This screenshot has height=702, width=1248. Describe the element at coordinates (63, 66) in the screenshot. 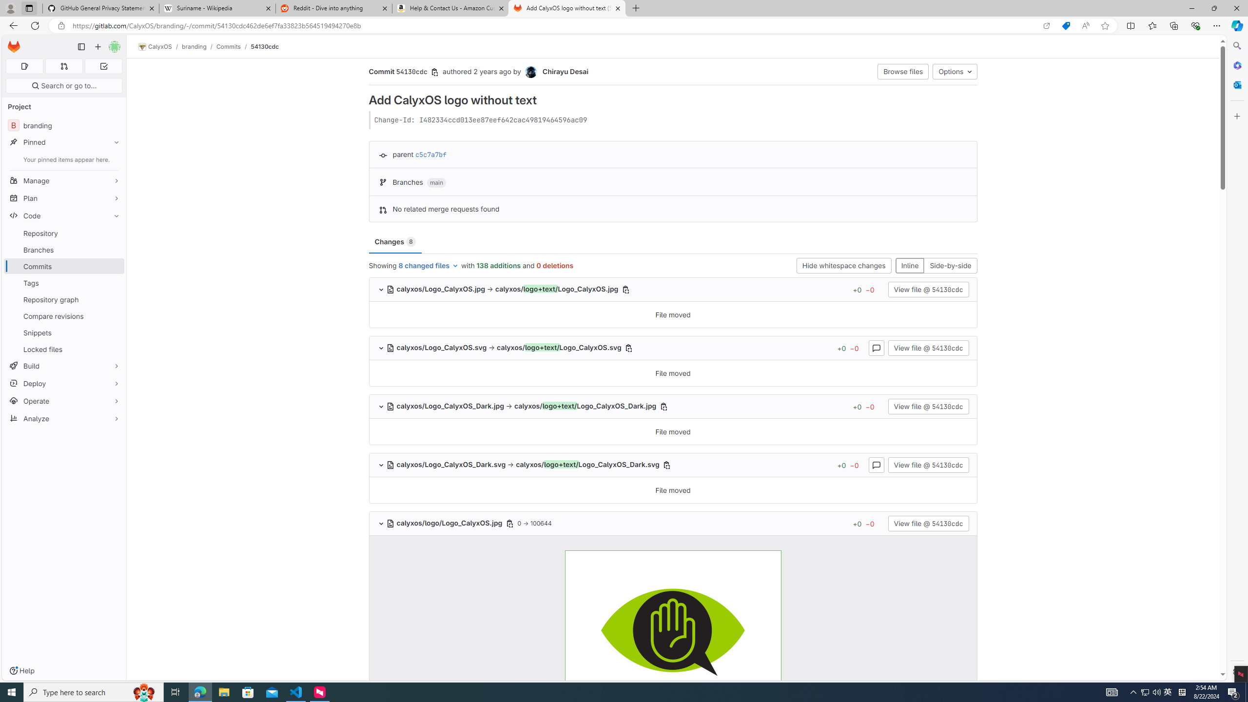

I see `'Merge requests 0'` at that location.